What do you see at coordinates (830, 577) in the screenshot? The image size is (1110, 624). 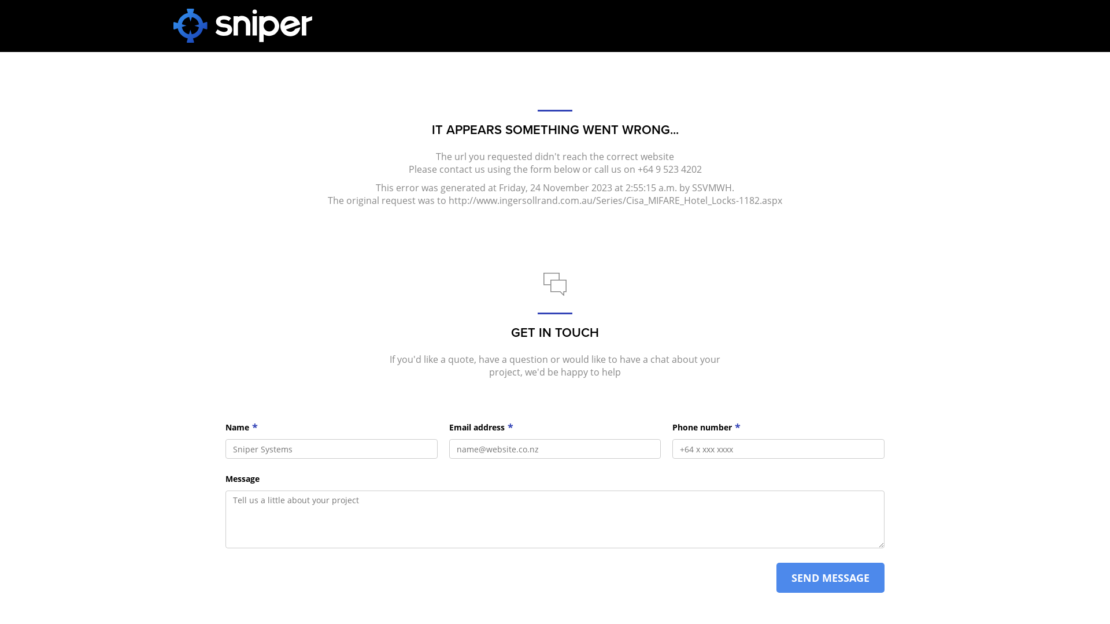 I see `'SEND MESSAGE'` at bounding box center [830, 577].